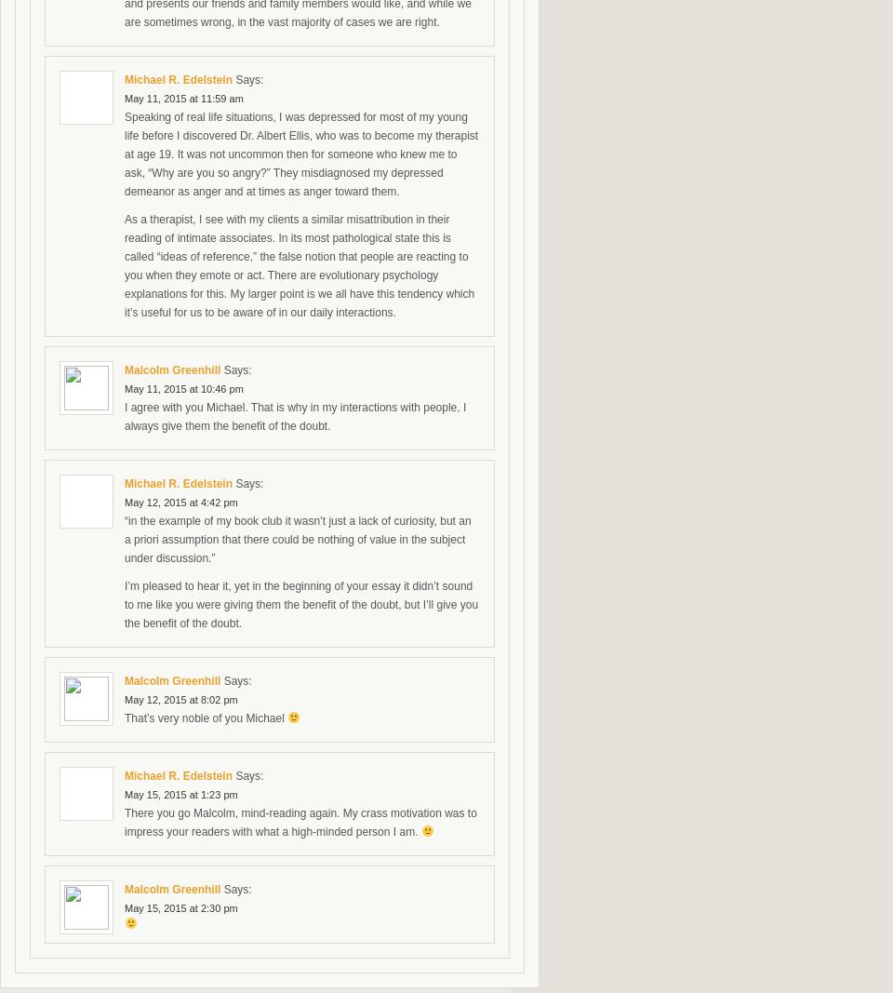  Describe the element at coordinates (295, 416) in the screenshot. I see `'I agree with you Michael. That is why in my interactions with people, I always give them the benefit of the doubt.'` at that location.